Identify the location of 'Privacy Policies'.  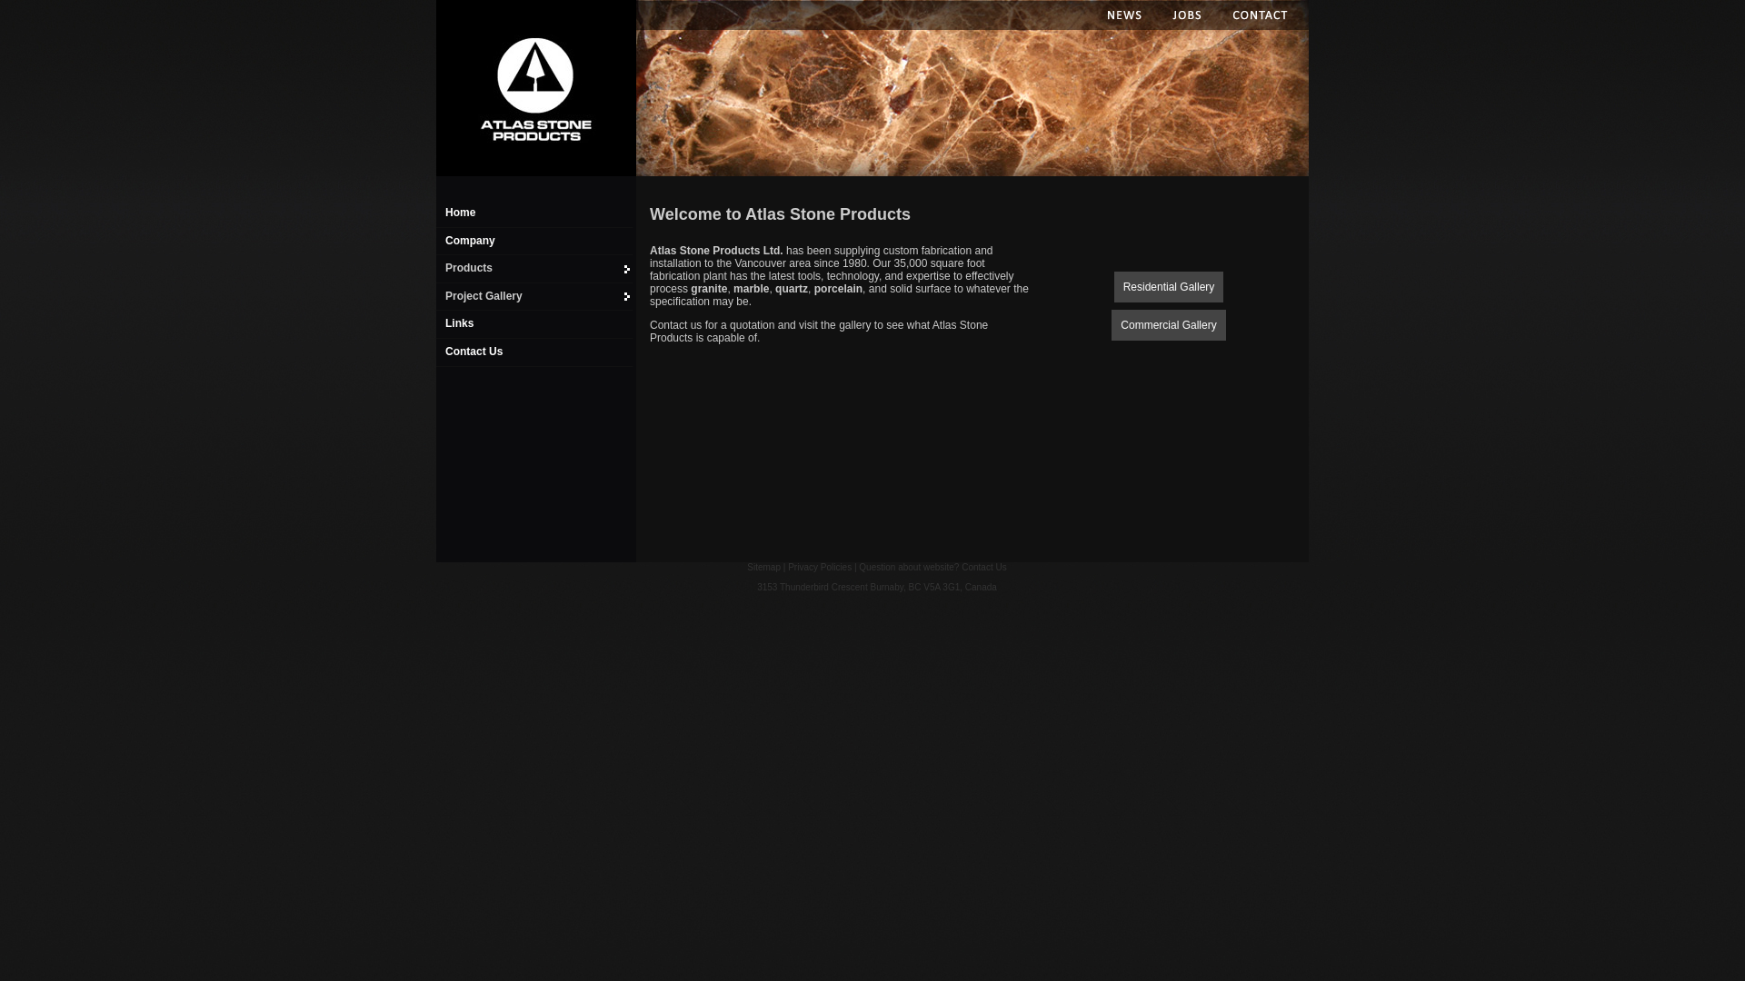
(788, 566).